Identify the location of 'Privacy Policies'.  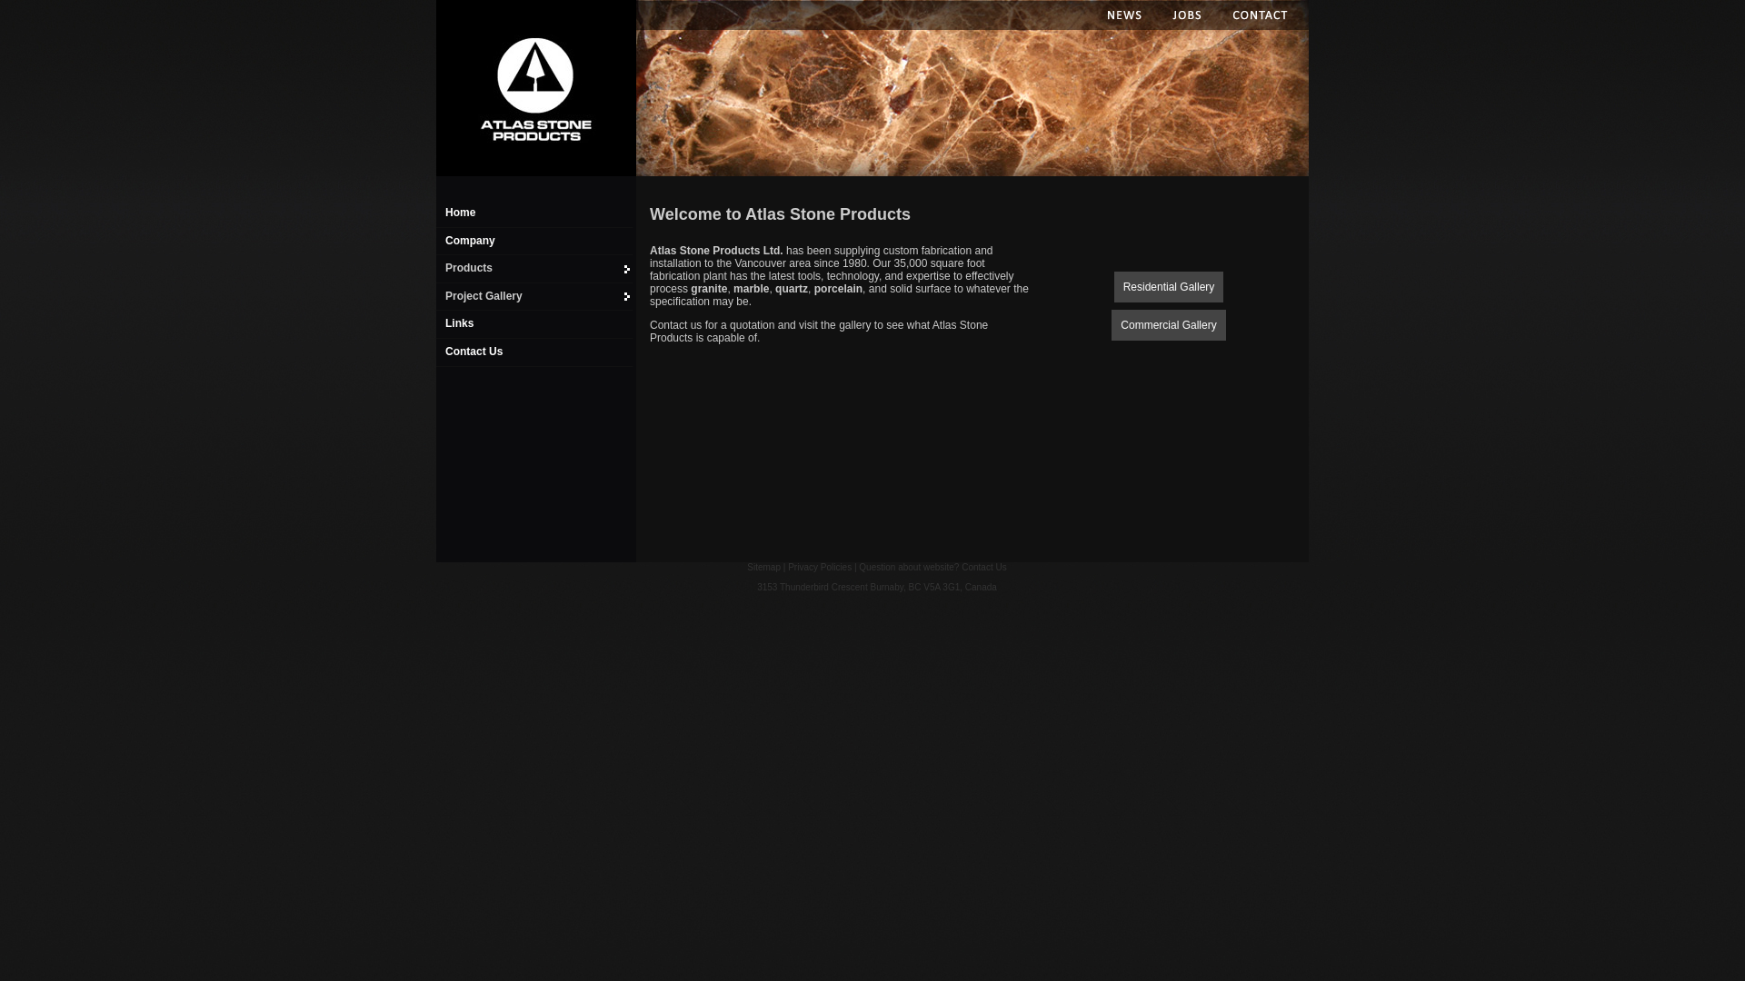
(788, 566).